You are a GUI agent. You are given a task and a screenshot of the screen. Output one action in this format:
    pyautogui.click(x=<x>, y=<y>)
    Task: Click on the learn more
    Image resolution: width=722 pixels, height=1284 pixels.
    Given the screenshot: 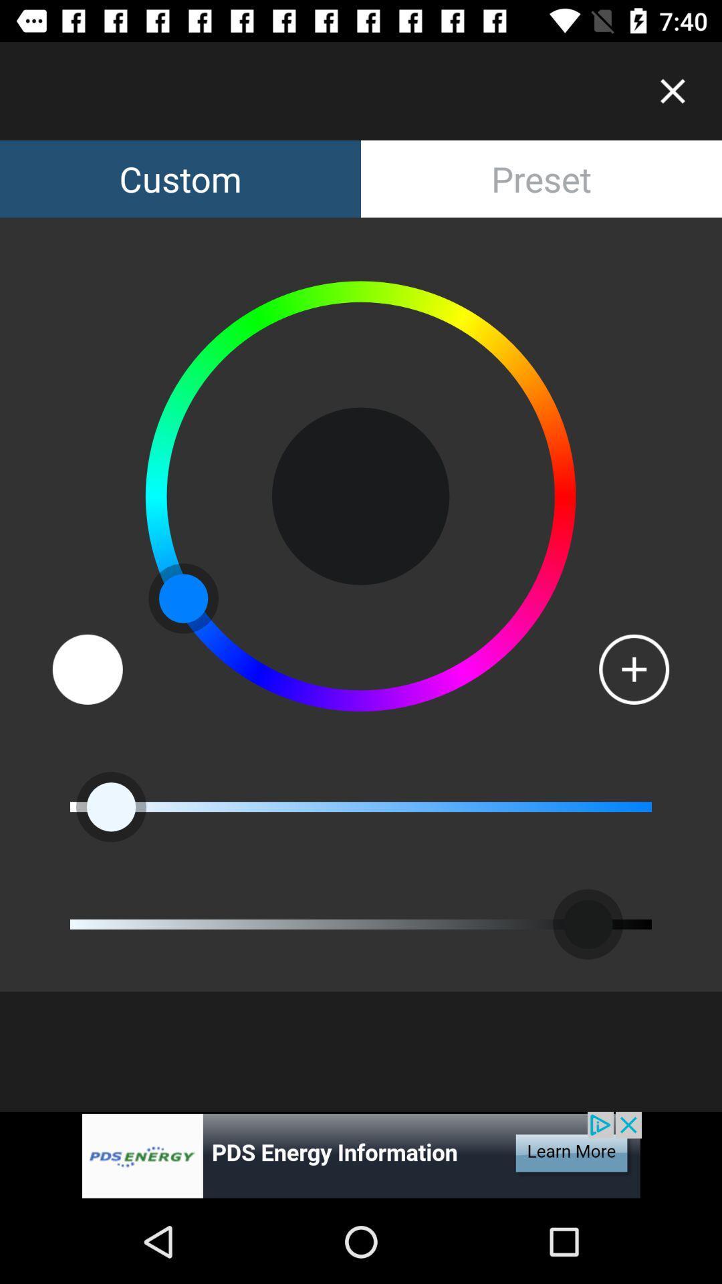 What is the action you would take?
    pyautogui.click(x=361, y=1155)
    